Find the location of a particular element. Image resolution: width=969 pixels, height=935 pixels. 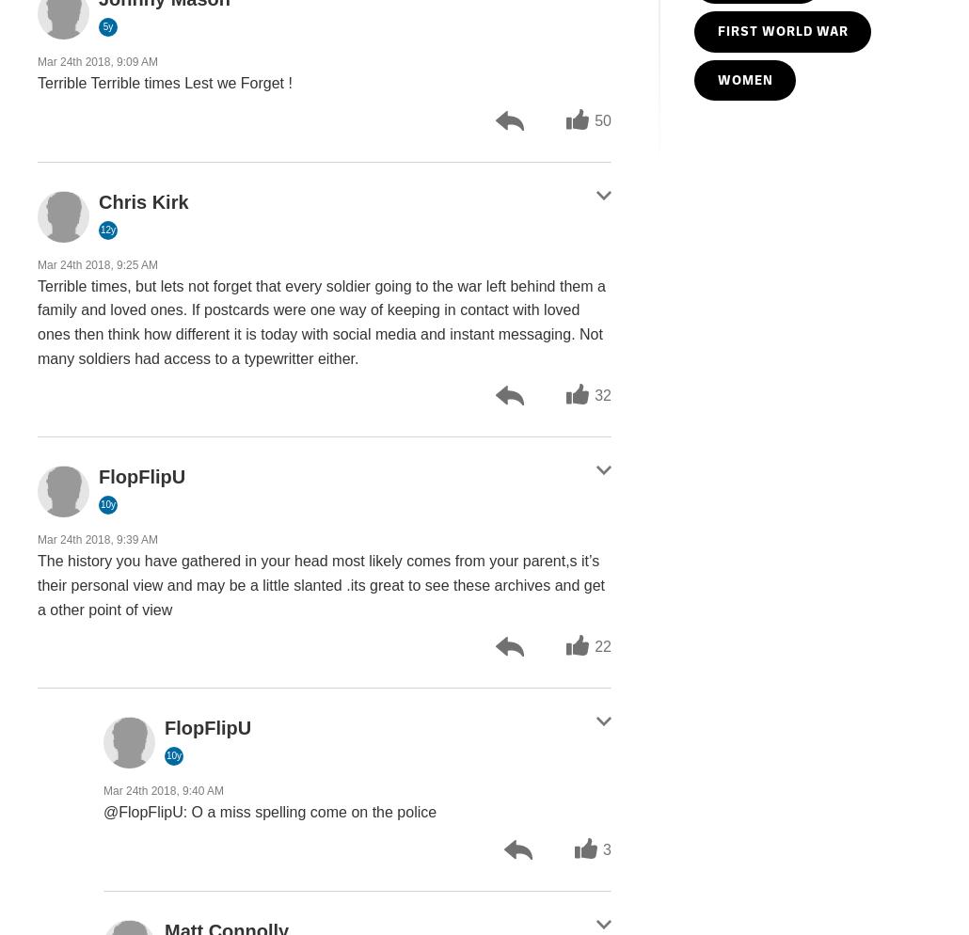

'The history you have gathered in your head most likely comes from your parent,s it’s their personal view and may be a little slanted .its great to see these archives and get a other point of view' is located at coordinates (37, 584).